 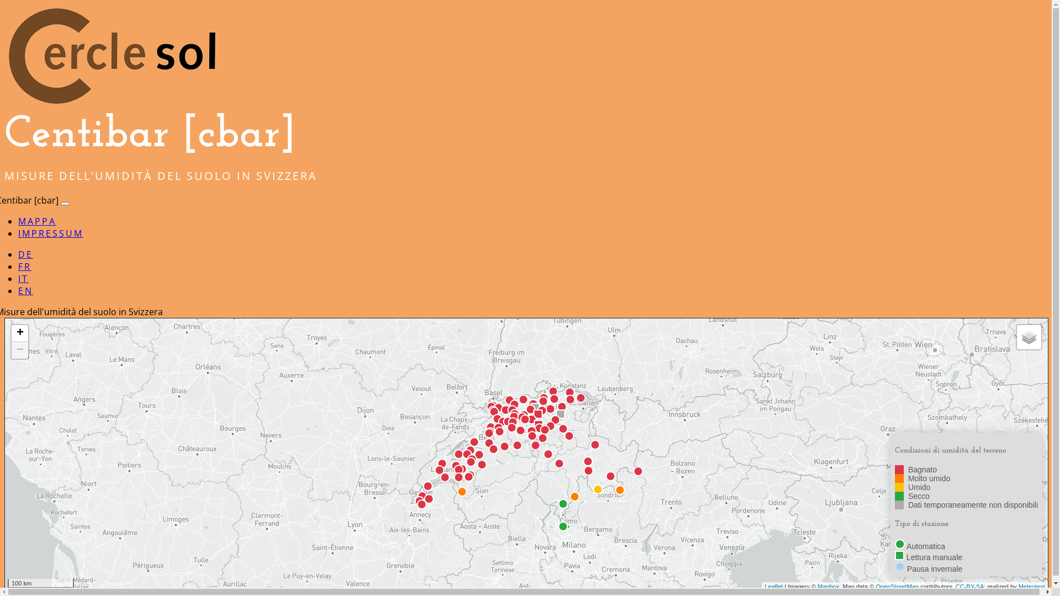 I want to click on 'IT', so click(x=18, y=278).